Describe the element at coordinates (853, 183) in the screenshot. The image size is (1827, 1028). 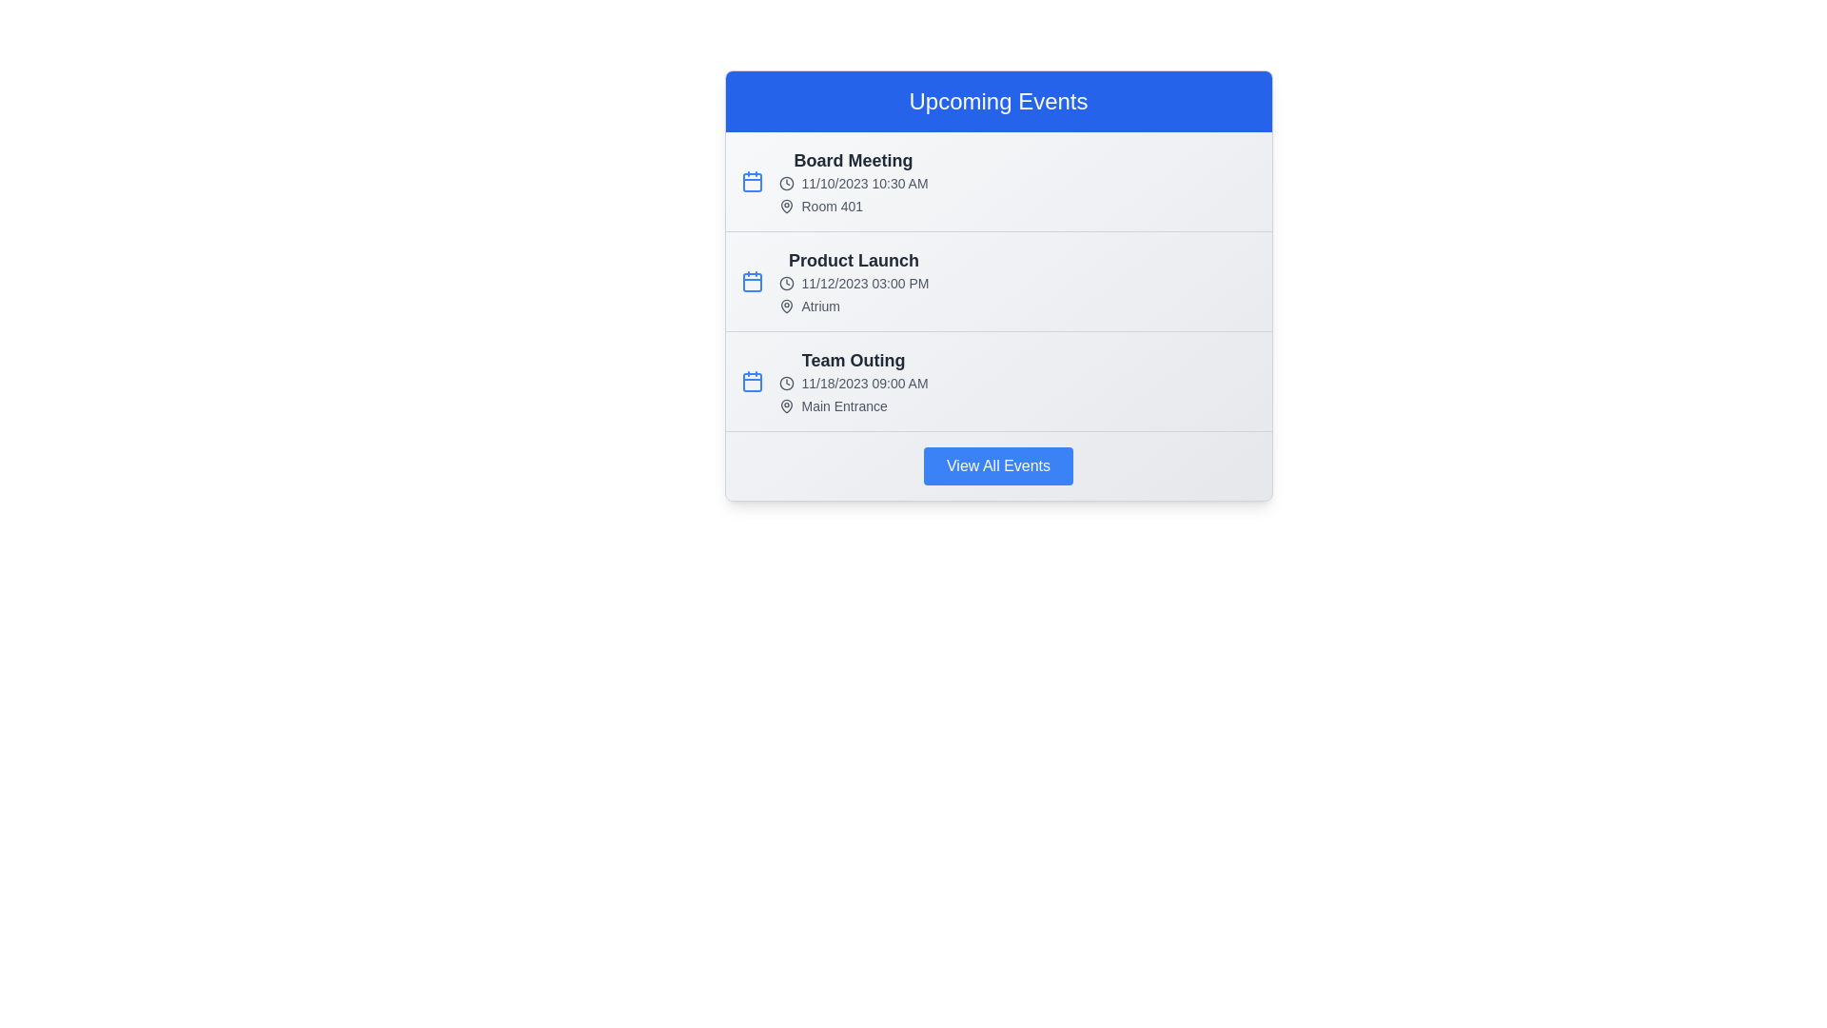
I see `the text displaying '11/10/2023 10:30 AM' with the clock icon preceding it, located under the 'Upcoming Events' section, part of the first event entry titled 'Board Meeting'` at that location.